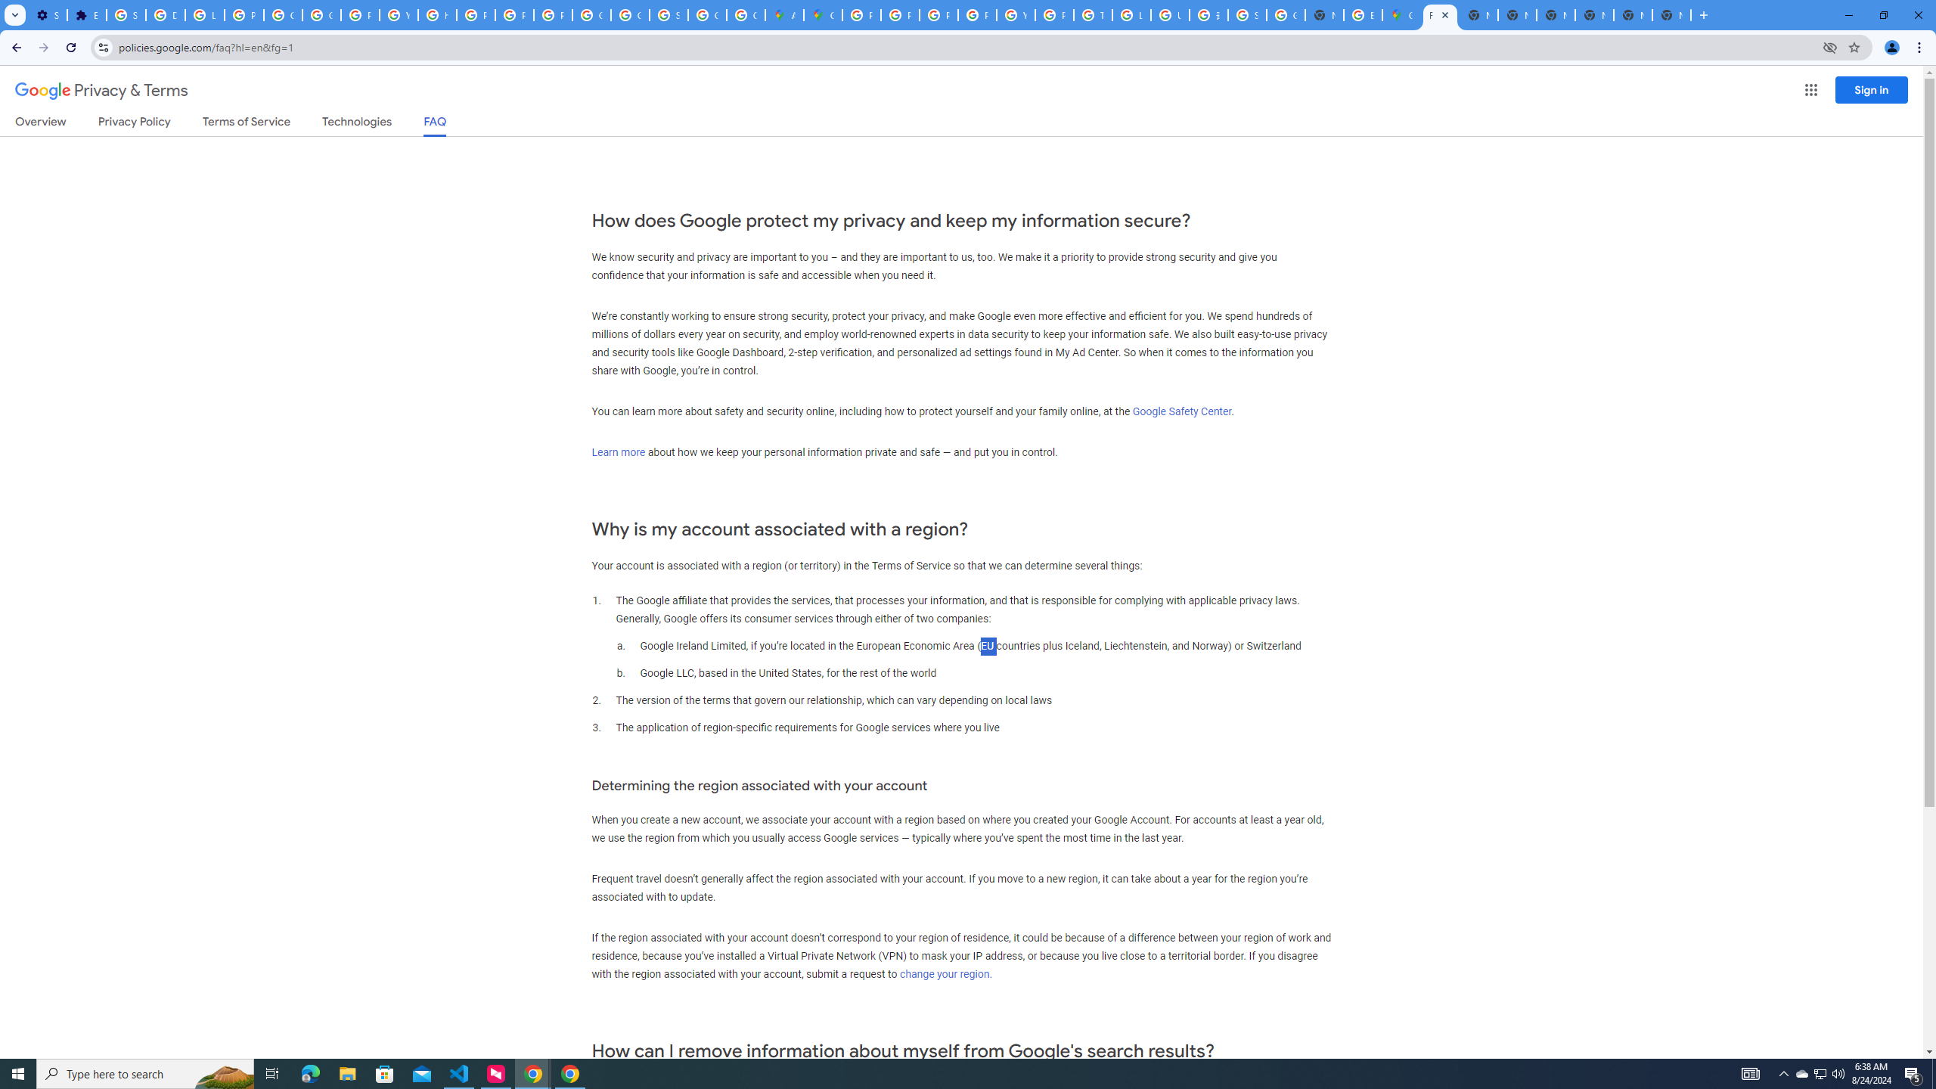 The image size is (1936, 1089). Describe the element at coordinates (1363, 14) in the screenshot. I see `'Explore new street-level details - Google Maps Help'` at that location.